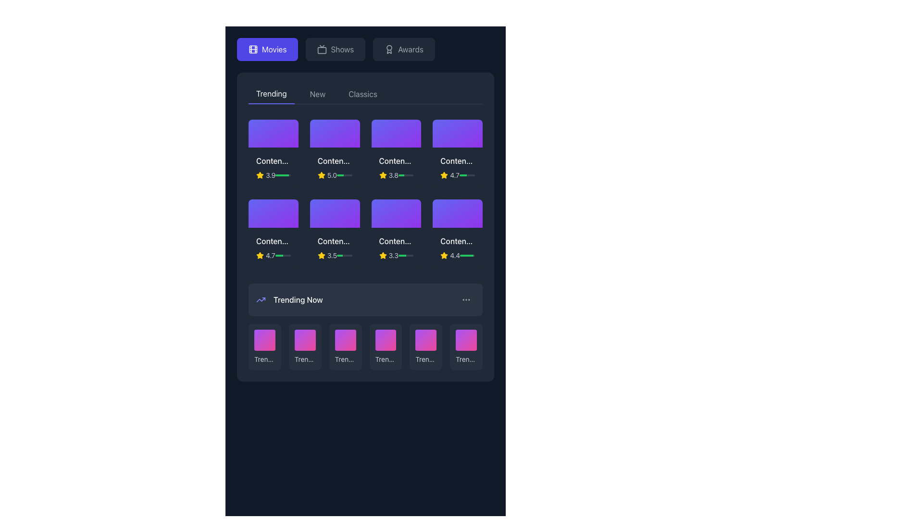 The width and height of the screenshot is (923, 519). What do you see at coordinates (404, 49) in the screenshot?
I see `the 'Awards' button in the top bar navigation menu` at bounding box center [404, 49].